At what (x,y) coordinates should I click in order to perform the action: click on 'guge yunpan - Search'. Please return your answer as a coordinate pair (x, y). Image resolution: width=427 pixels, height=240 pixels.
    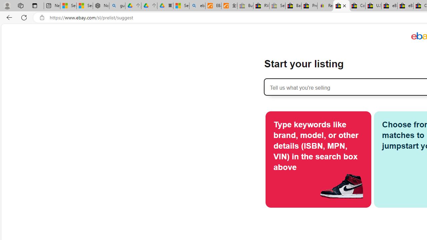
    Looking at the image, I should click on (117, 6).